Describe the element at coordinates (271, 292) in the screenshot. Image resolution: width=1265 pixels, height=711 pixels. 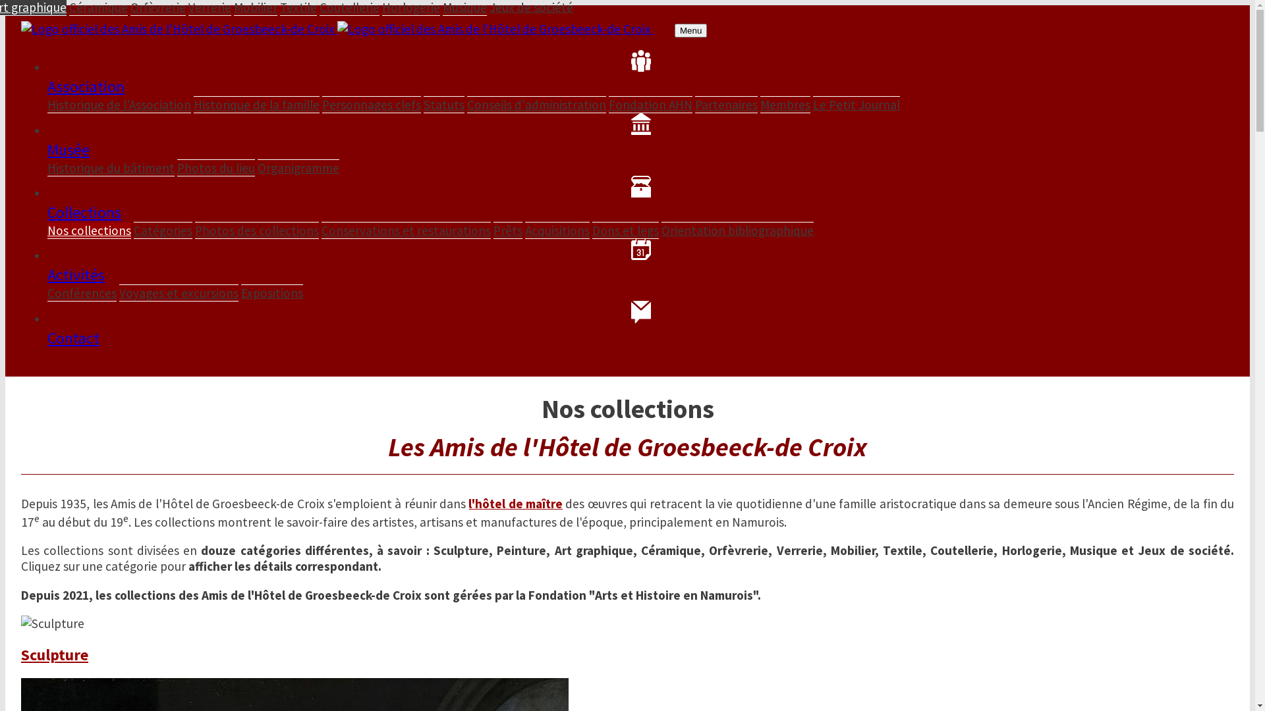
I see `'Expositions'` at that location.